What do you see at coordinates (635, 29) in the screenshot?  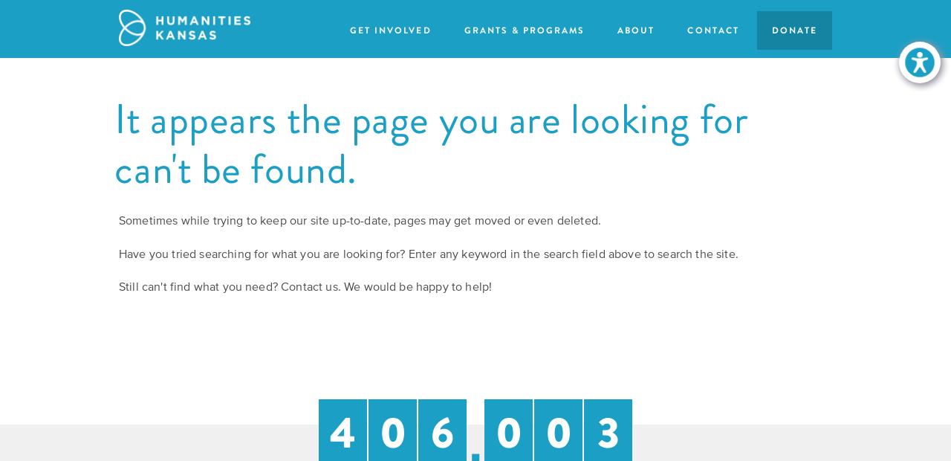 I see `'About'` at bounding box center [635, 29].